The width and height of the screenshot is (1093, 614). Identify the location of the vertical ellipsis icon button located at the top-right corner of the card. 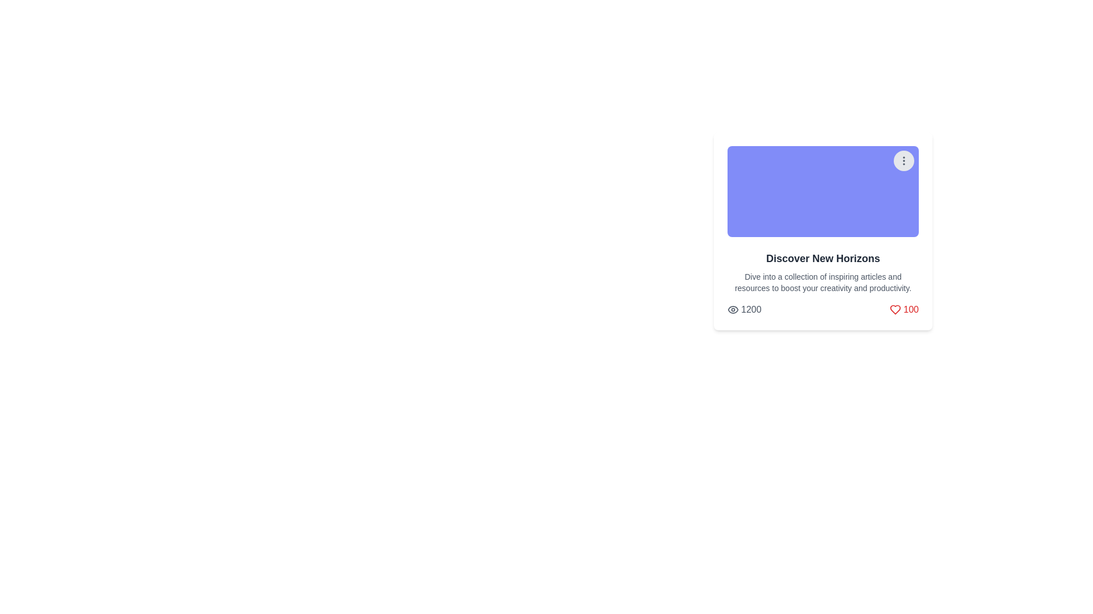
(903, 160).